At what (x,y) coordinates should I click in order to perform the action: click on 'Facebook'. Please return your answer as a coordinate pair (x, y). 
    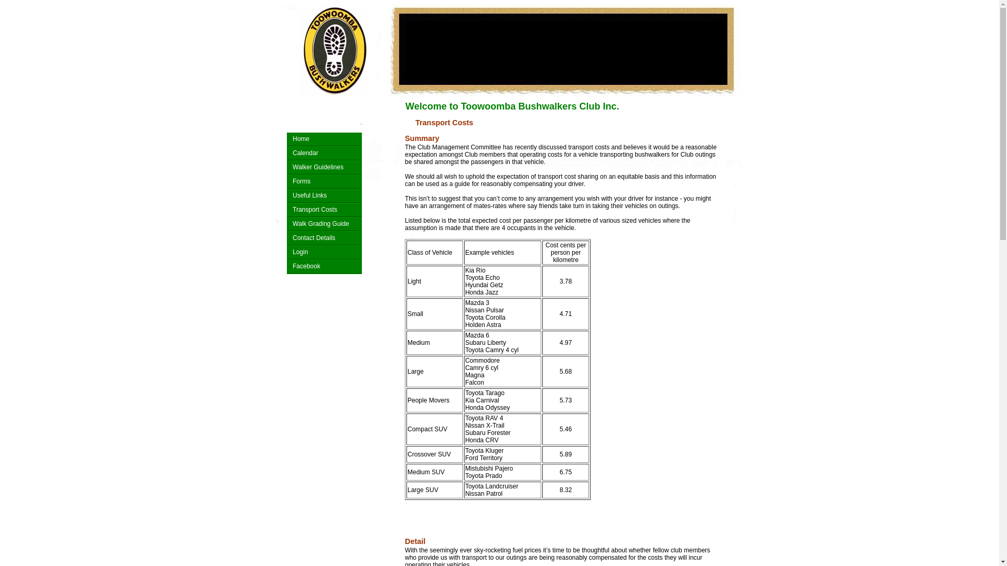
    Looking at the image, I should click on (324, 266).